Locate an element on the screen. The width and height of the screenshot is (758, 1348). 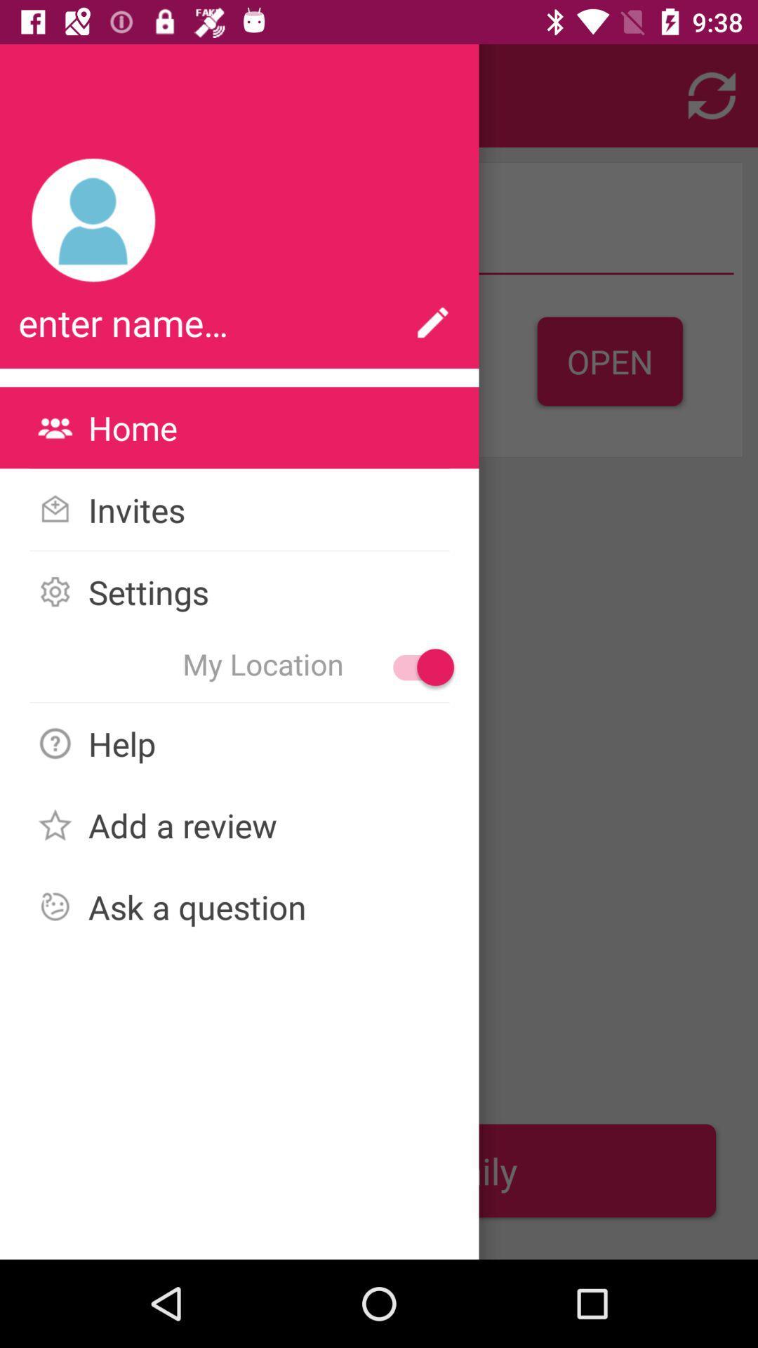
the icon above enter name is located at coordinates (94, 220).